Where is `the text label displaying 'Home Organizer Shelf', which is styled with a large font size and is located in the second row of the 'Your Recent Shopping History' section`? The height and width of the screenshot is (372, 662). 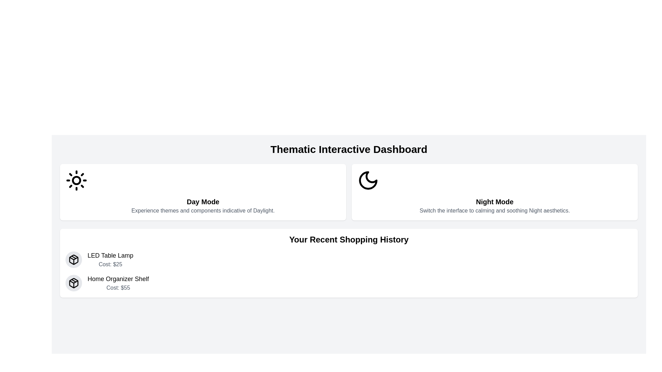
the text label displaying 'Home Organizer Shelf', which is styled with a large font size and is located in the second row of the 'Your Recent Shopping History' section is located at coordinates (118, 279).